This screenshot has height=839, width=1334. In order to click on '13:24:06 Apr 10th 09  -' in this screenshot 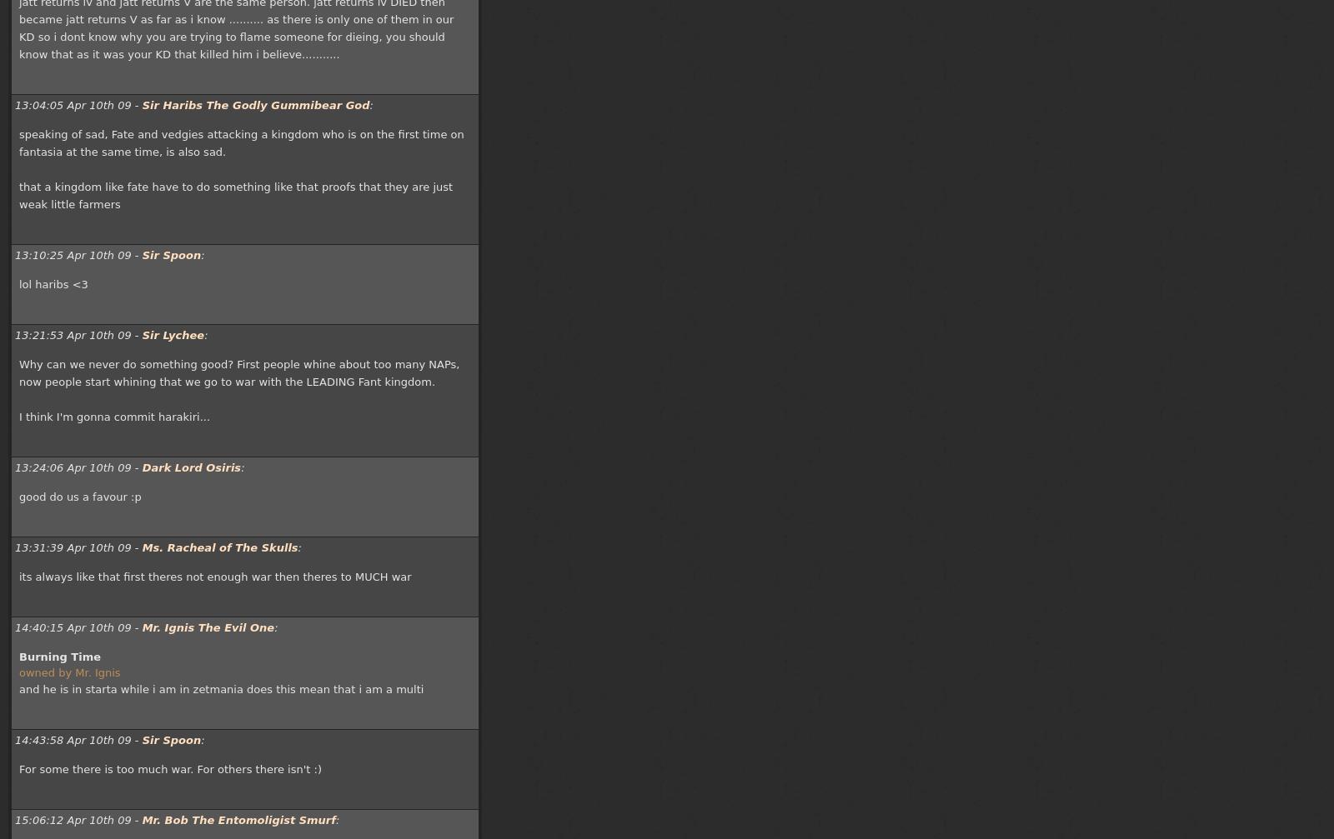, I will do `click(77, 467)`.